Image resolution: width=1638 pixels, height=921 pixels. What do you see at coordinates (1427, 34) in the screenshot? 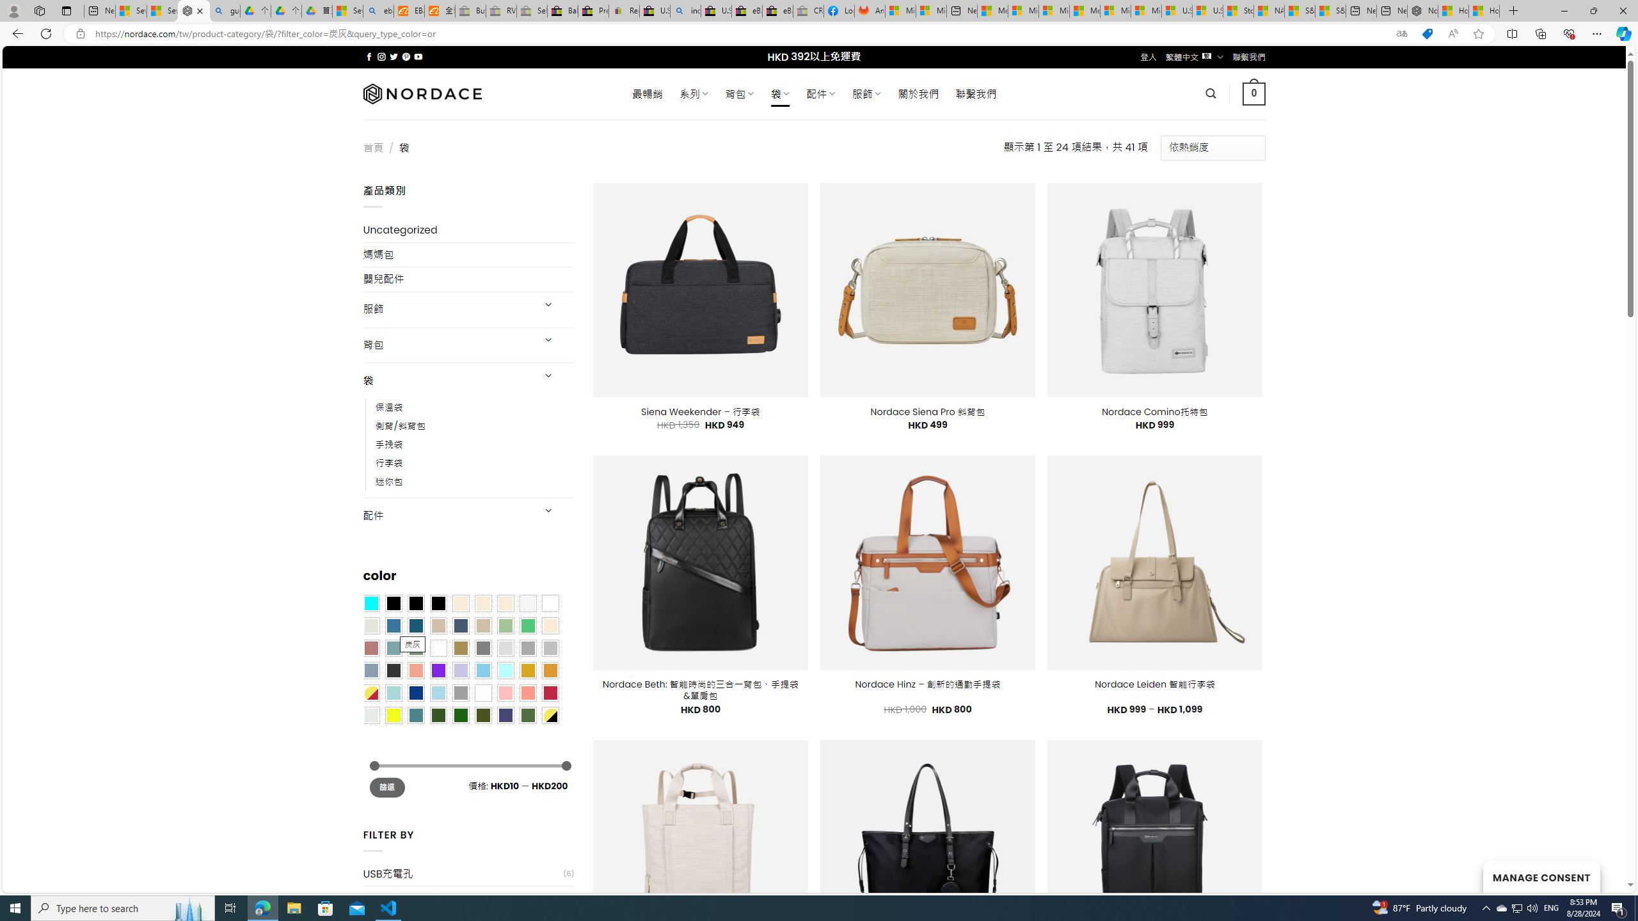
I see `'This site has coupons! Shopping in Microsoft Edge'` at bounding box center [1427, 34].